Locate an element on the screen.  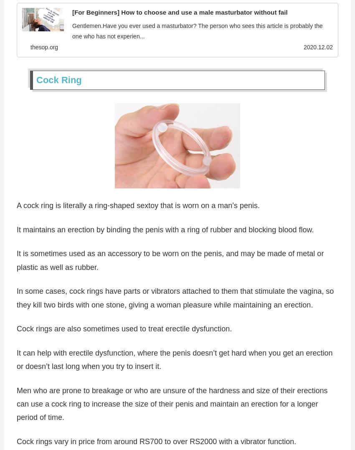
'thesop.org' is located at coordinates (30, 48).